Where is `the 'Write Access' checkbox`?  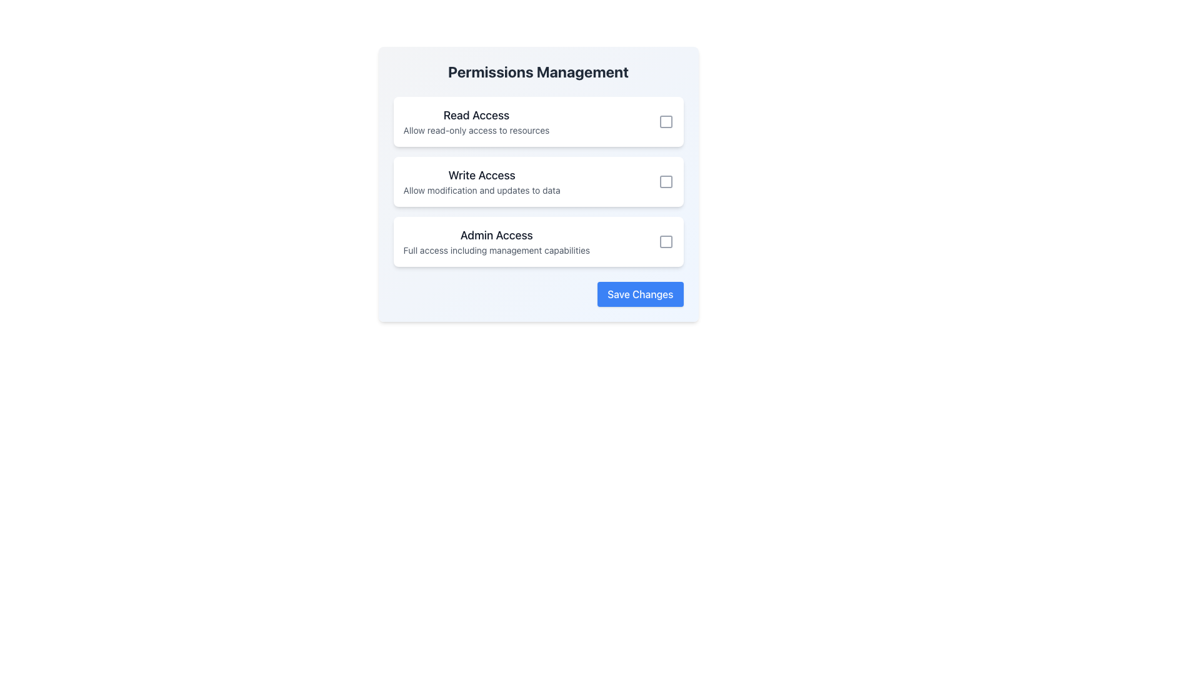
the 'Write Access' checkbox is located at coordinates (538, 181).